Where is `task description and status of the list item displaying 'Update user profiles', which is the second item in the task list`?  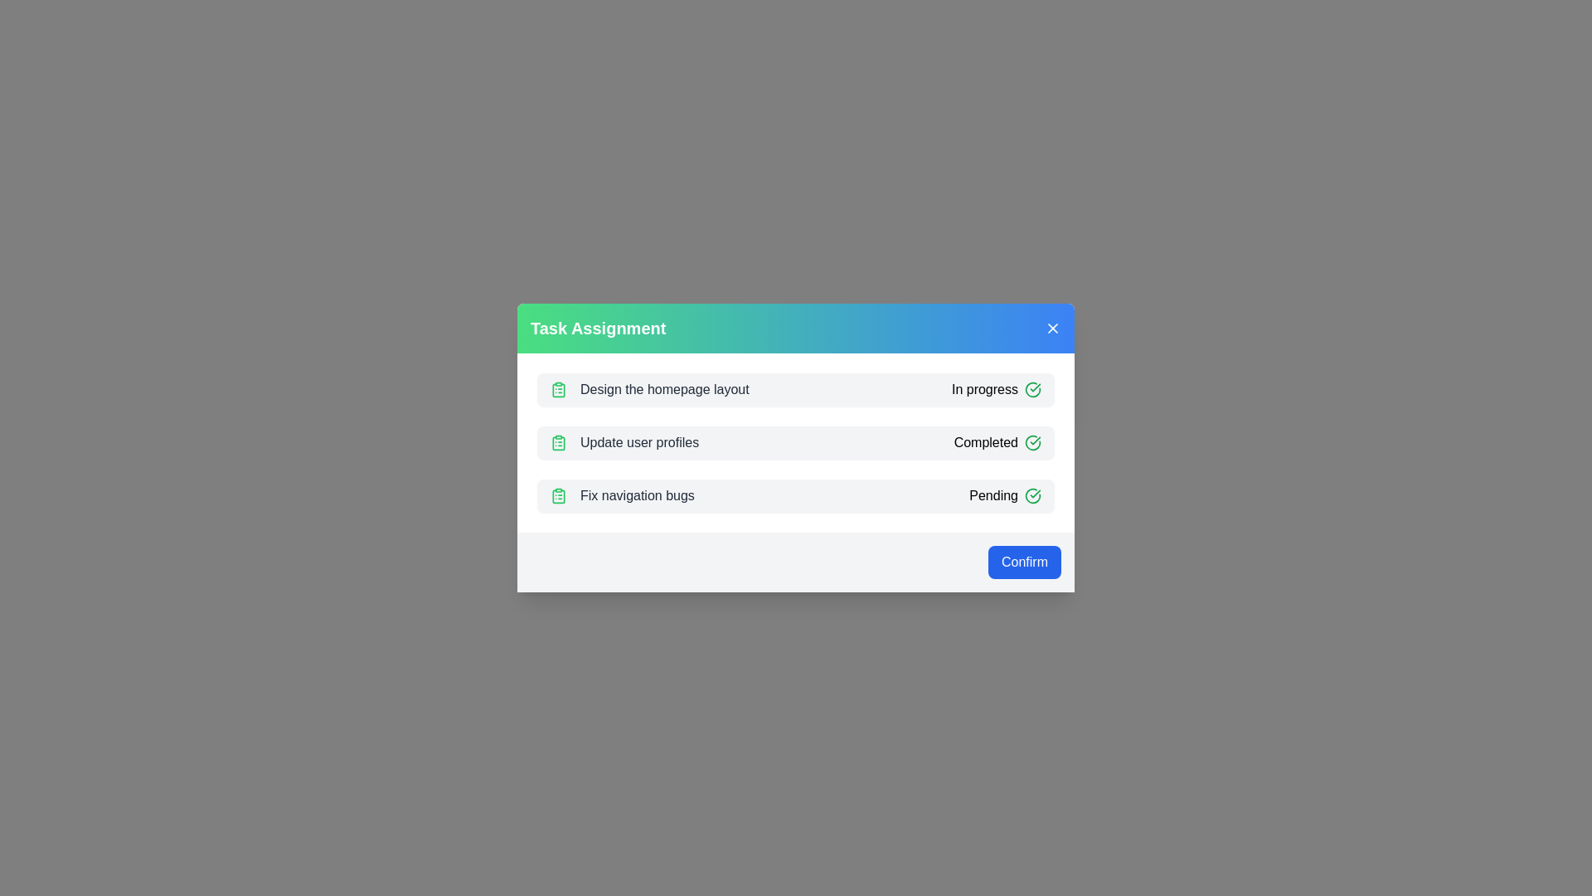 task description and status of the list item displaying 'Update user profiles', which is the second item in the task list is located at coordinates (796, 441).